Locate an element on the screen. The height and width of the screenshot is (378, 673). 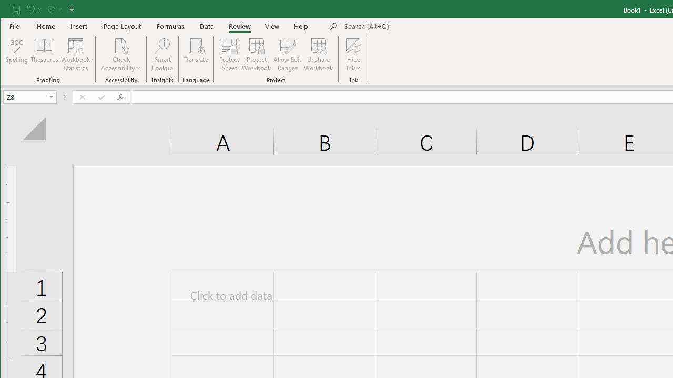
'View' is located at coordinates (272, 26).